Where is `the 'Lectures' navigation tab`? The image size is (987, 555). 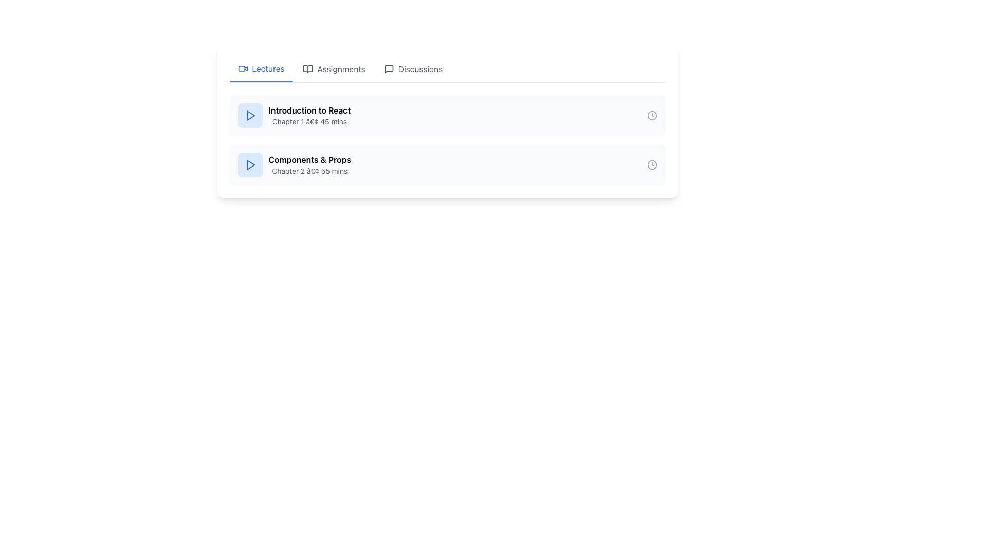
the 'Lectures' navigation tab is located at coordinates (261, 69).